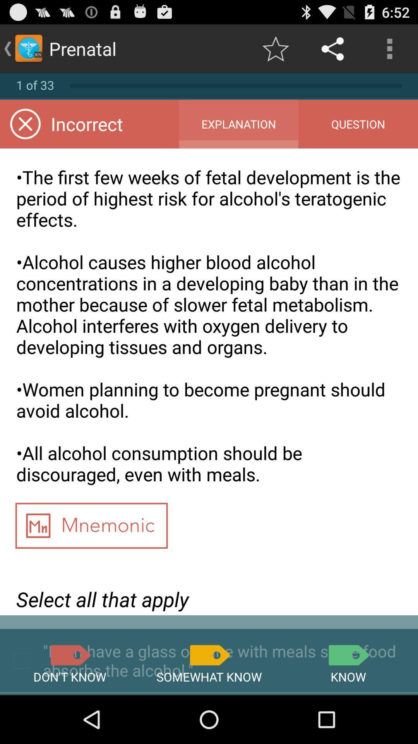 The height and width of the screenshot is (744, 418). What do you see at coordinates (70, 654) in the screenshot?
I see `list as do n't know` at bounding box center [70, 654].